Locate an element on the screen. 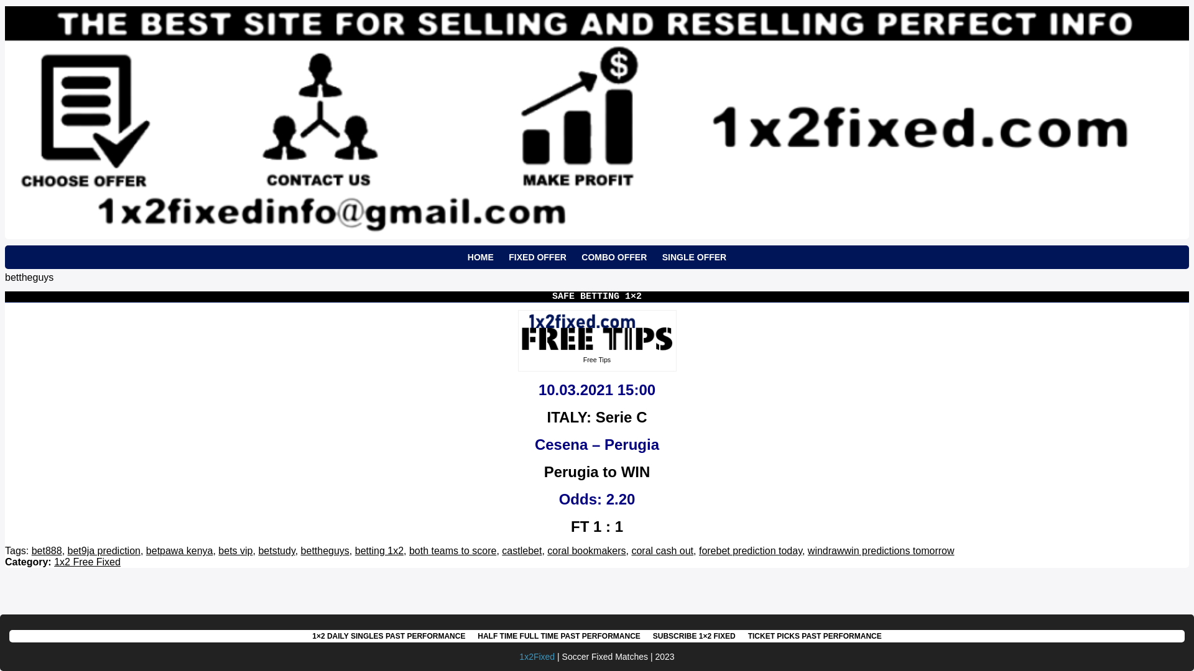 This screenshot has height=671, width=1194. '1x2Fixed' is located at coordinates (537, 655).